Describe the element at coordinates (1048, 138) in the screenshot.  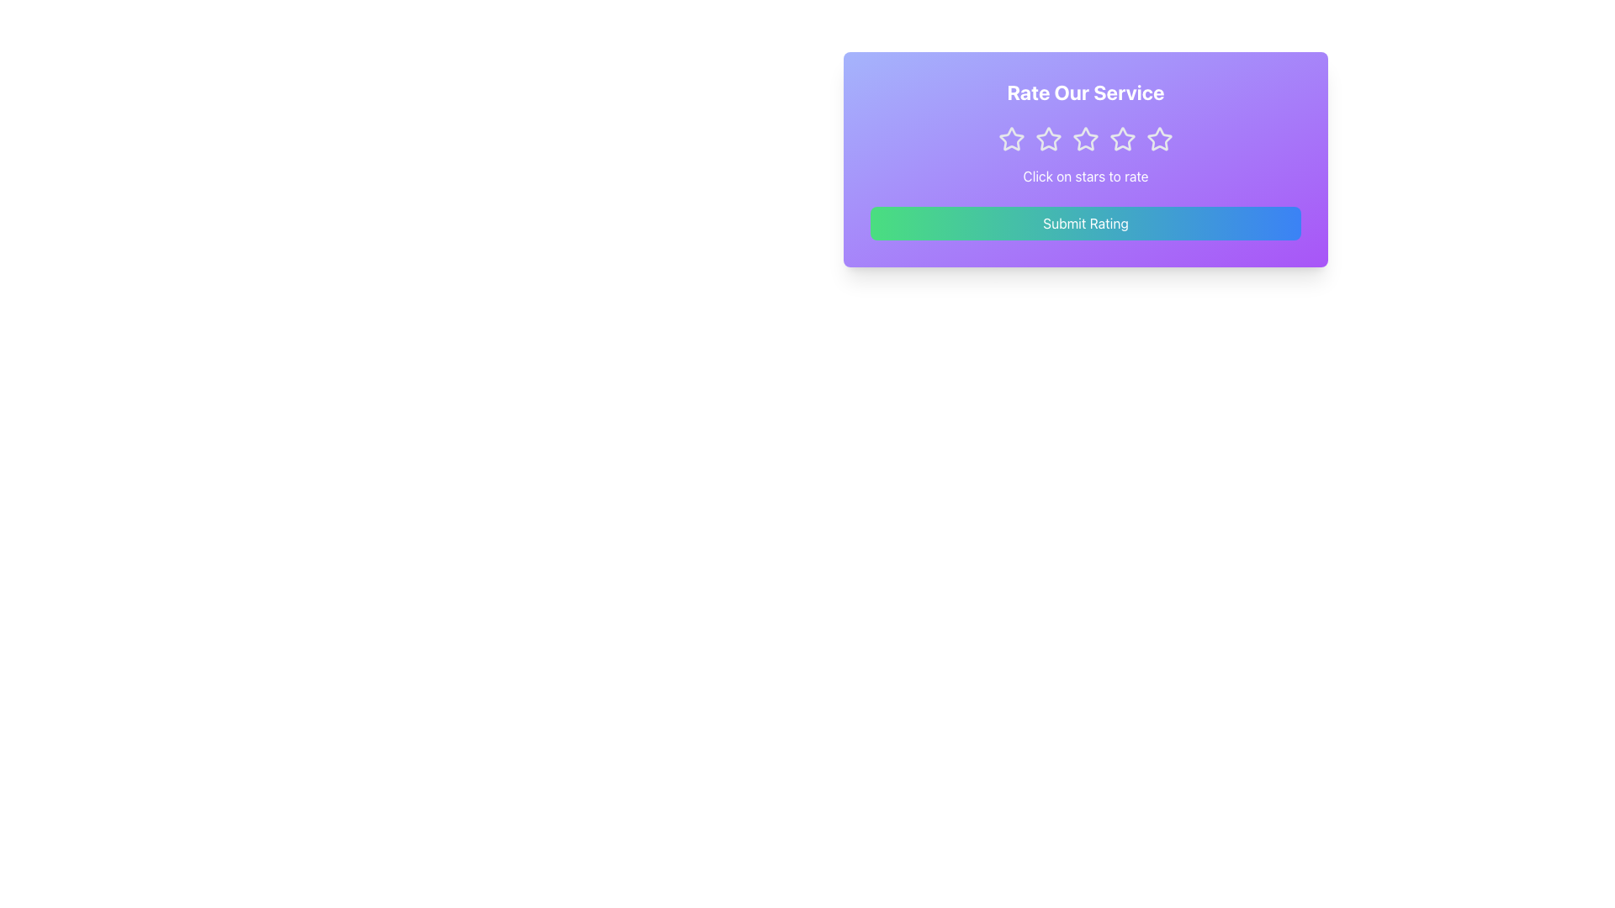
I see `the third star-shaped rating icon in the 'Rate Our Service' section` at that location.